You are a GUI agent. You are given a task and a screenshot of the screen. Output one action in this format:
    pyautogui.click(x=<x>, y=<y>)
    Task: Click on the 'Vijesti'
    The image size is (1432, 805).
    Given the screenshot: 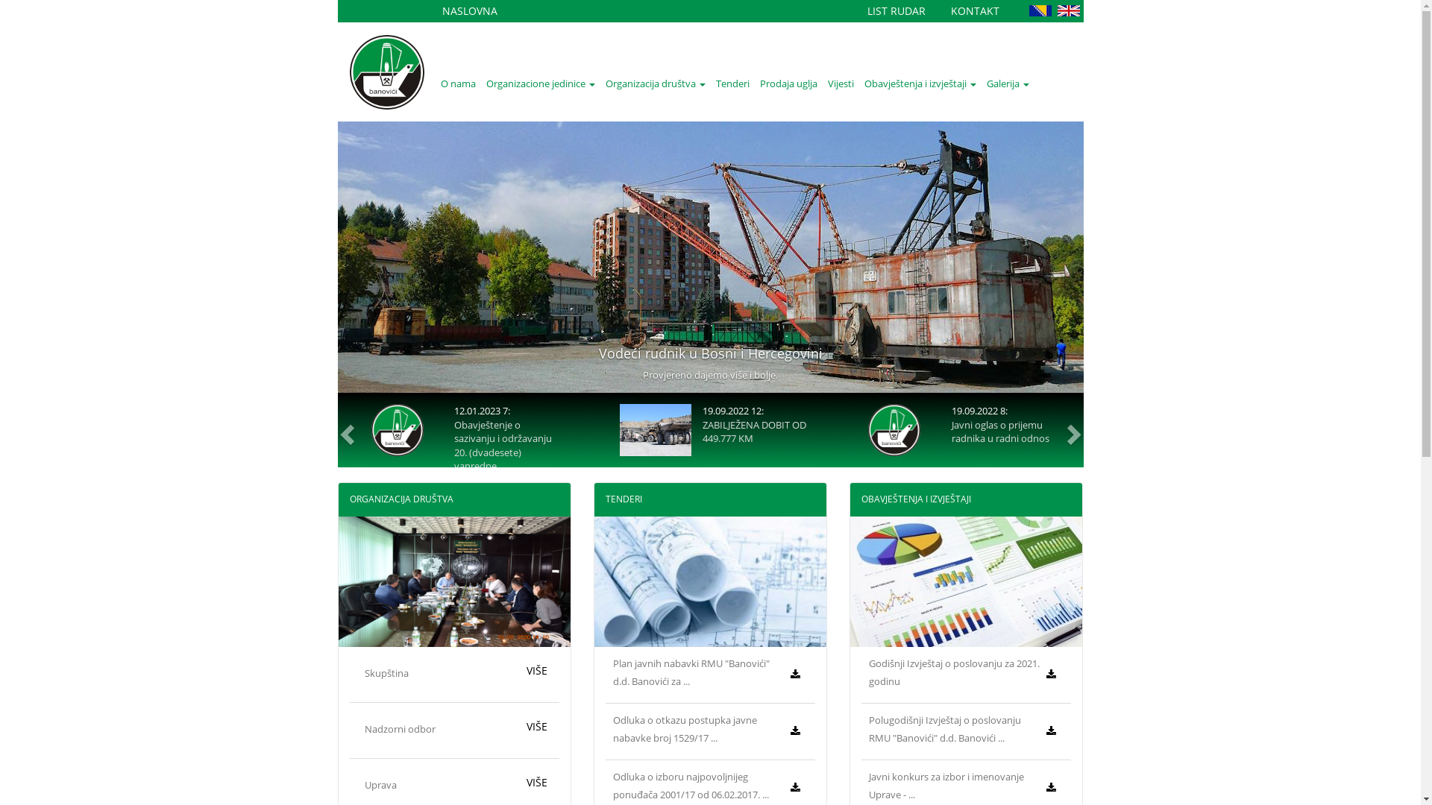 What is the action you would take?
    pyautogui.click(x=840, y=83)
    